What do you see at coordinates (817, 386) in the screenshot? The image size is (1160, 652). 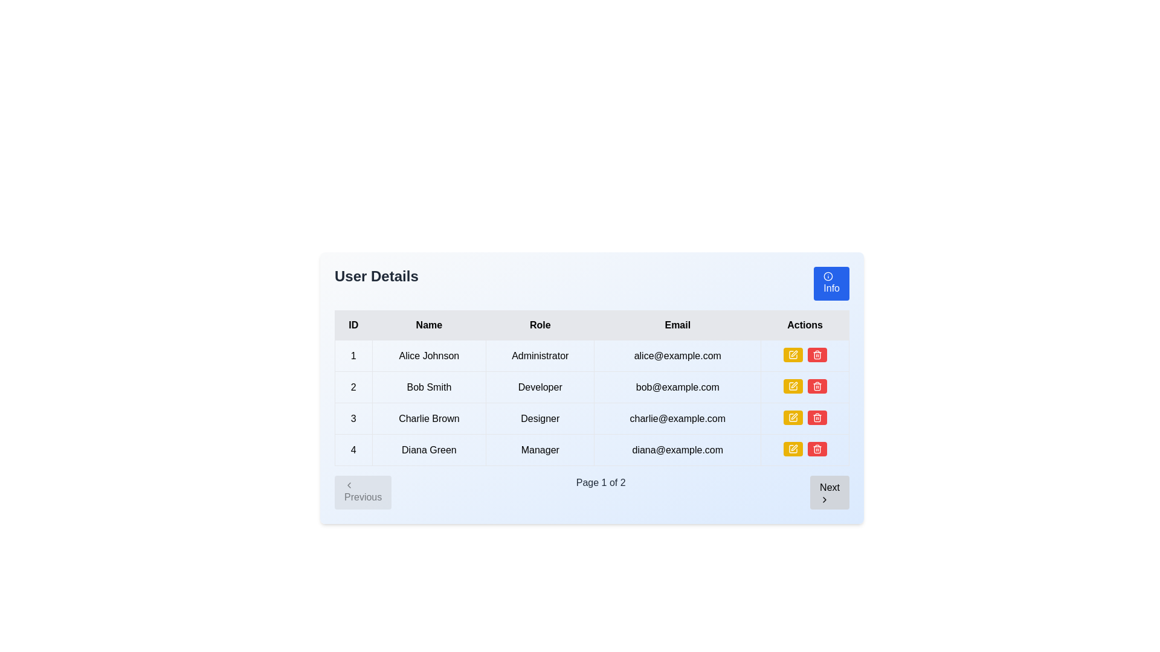 I see `the red trash can icon button` at bounding box center [817, 386].